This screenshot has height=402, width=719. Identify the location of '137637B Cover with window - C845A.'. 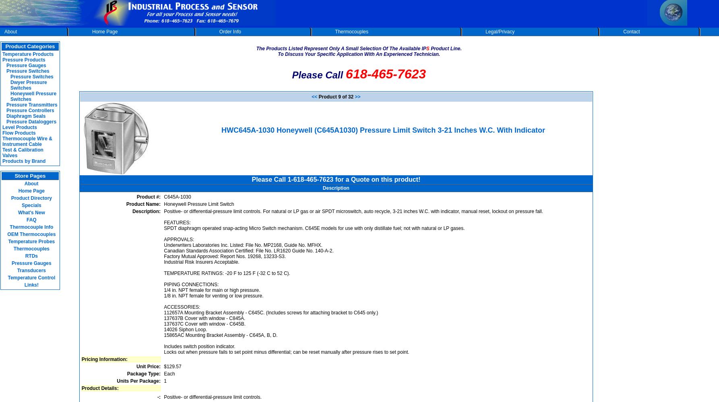
(204, 318).